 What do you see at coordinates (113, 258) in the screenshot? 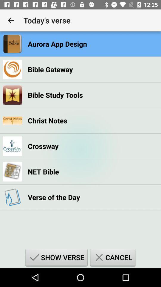
I see `icon to the right of show verse` at bounding box center [113, 258].